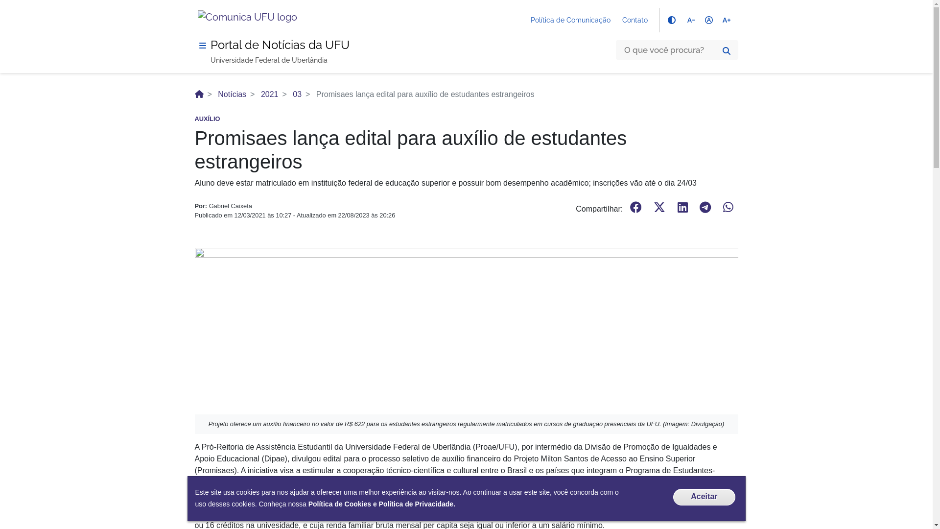  What do you see at coordinates (709, 20) in the screenshot?
I see `'hdr_auto'` at bounding box center [709, 20].